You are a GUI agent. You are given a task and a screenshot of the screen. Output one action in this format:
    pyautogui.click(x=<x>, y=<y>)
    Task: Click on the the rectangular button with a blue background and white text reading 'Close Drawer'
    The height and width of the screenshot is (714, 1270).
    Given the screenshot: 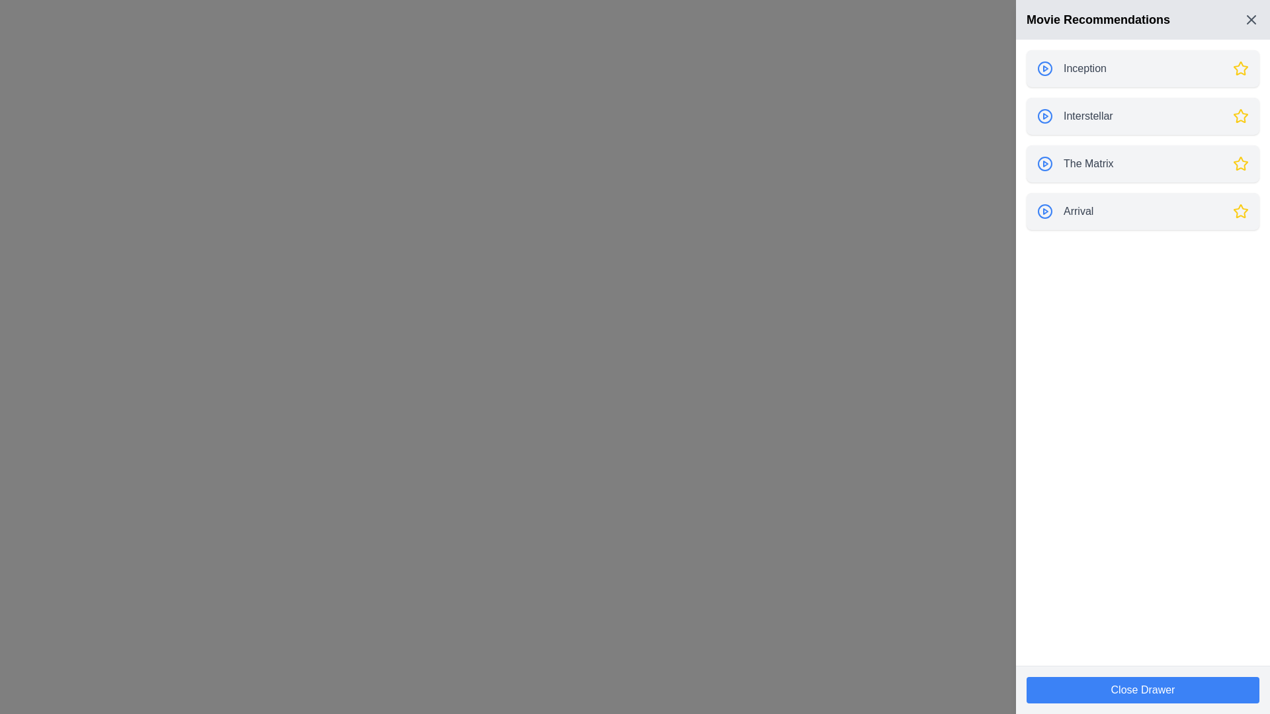 What is the action you would take?
    pyautogui.click(x=1142, y=690)
    